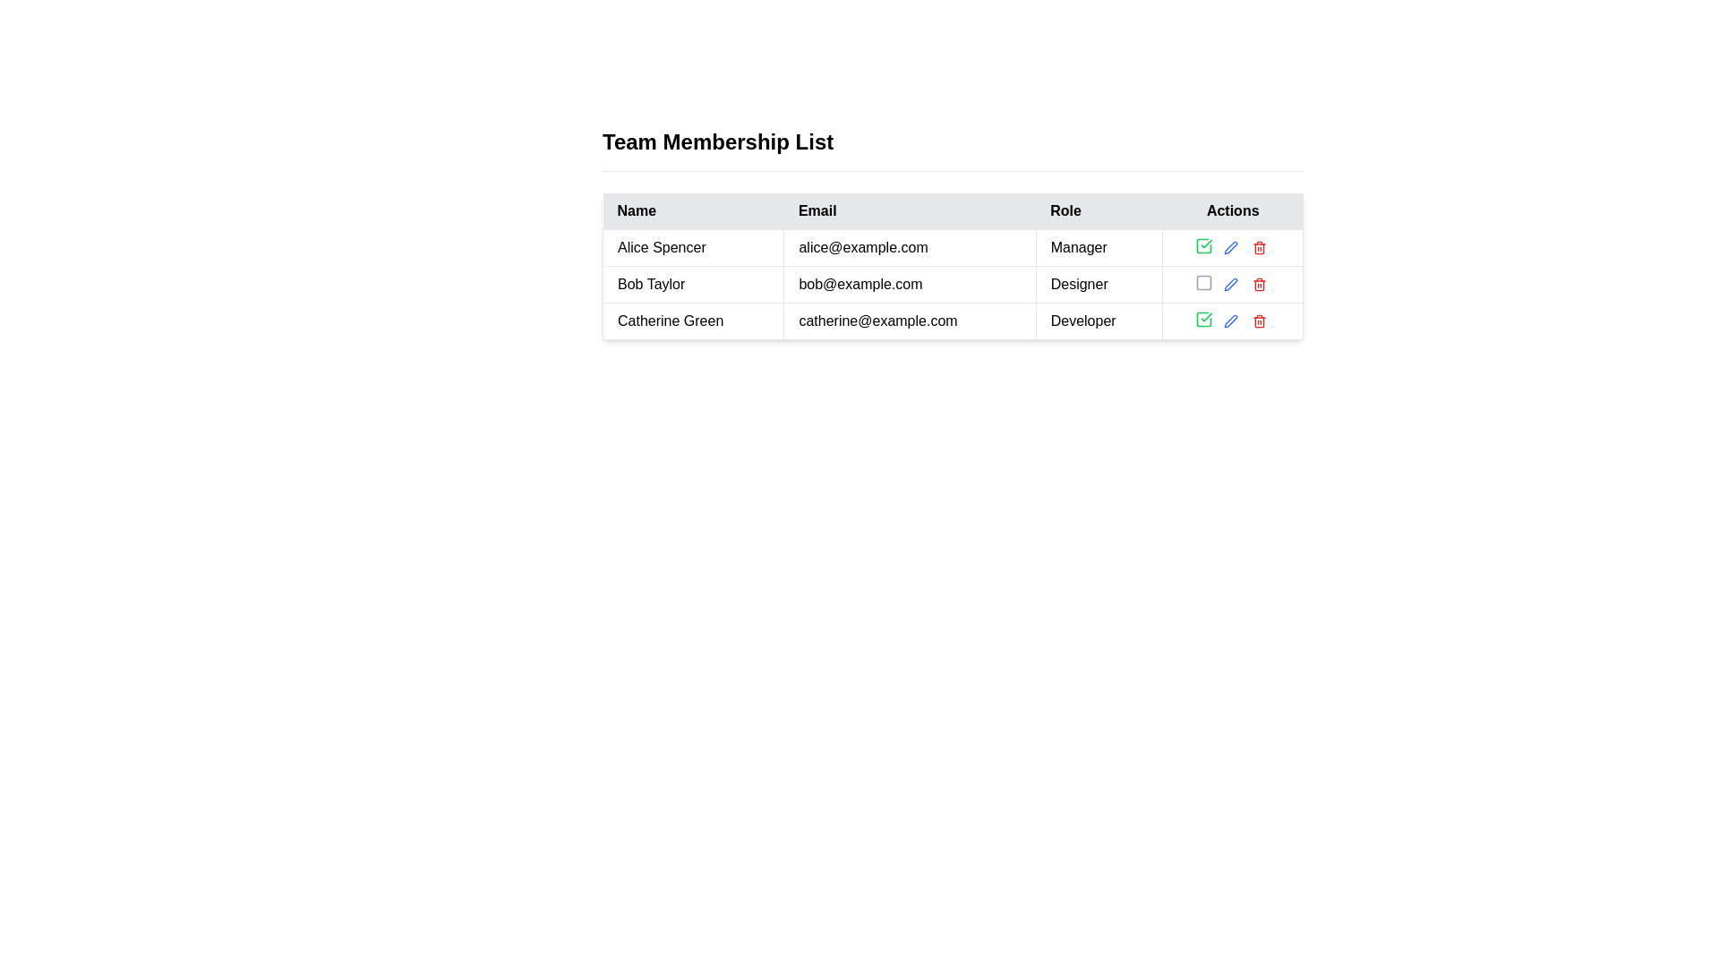  What do you see at coordinates (1099, 248) in the screenshot?
I see `the text display element labeled 'Manager' located in the third column of the first row of the table under the 'Role' header` at bounding box center [1099, 248].